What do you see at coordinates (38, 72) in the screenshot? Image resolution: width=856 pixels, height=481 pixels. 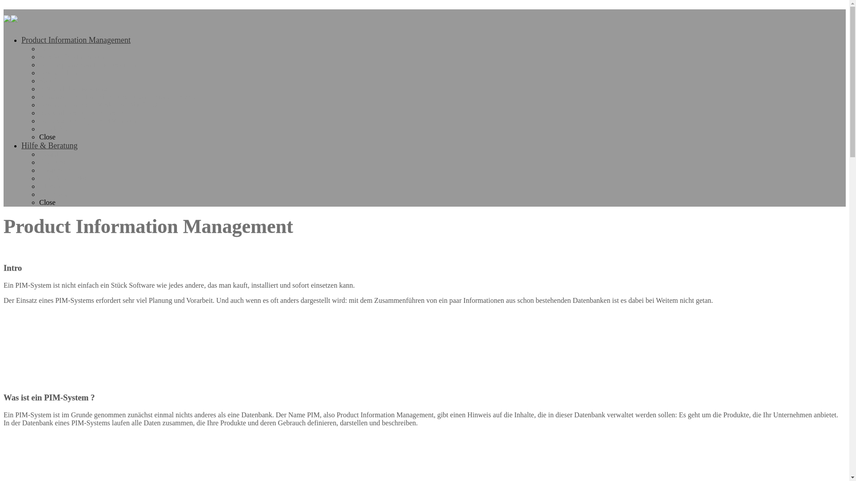 I see `'Datenquellen'` at bounding box center [38, 72].